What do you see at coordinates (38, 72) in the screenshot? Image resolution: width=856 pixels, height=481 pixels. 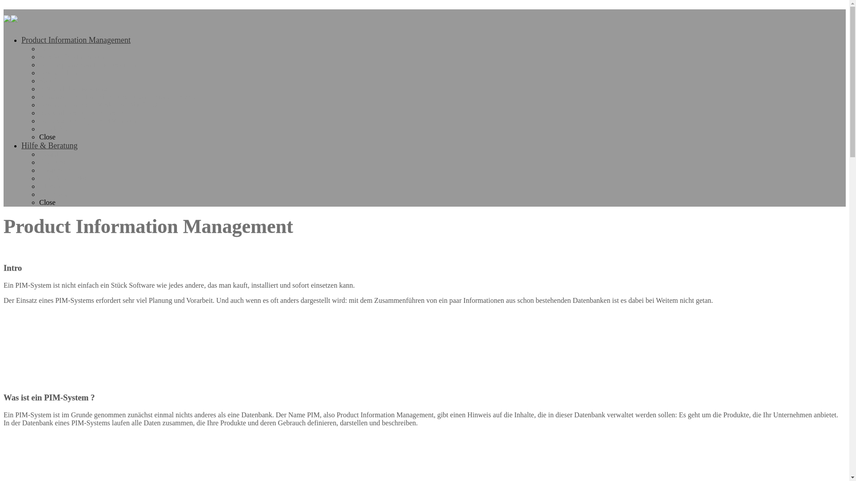 I see `'Datenquellen'` at bounding box center [38, 72].